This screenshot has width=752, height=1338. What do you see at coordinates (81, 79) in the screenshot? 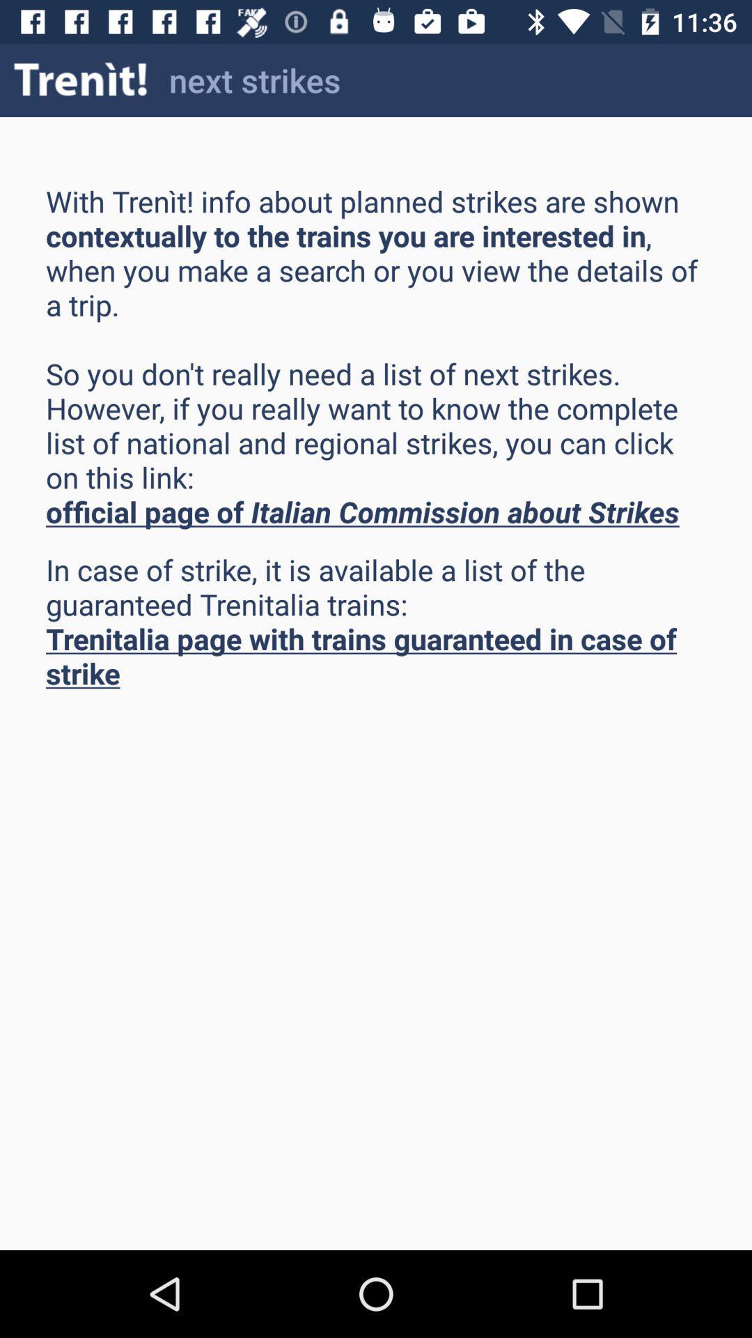
I see `item next to next strikes item` at bounding box center [81, 79].